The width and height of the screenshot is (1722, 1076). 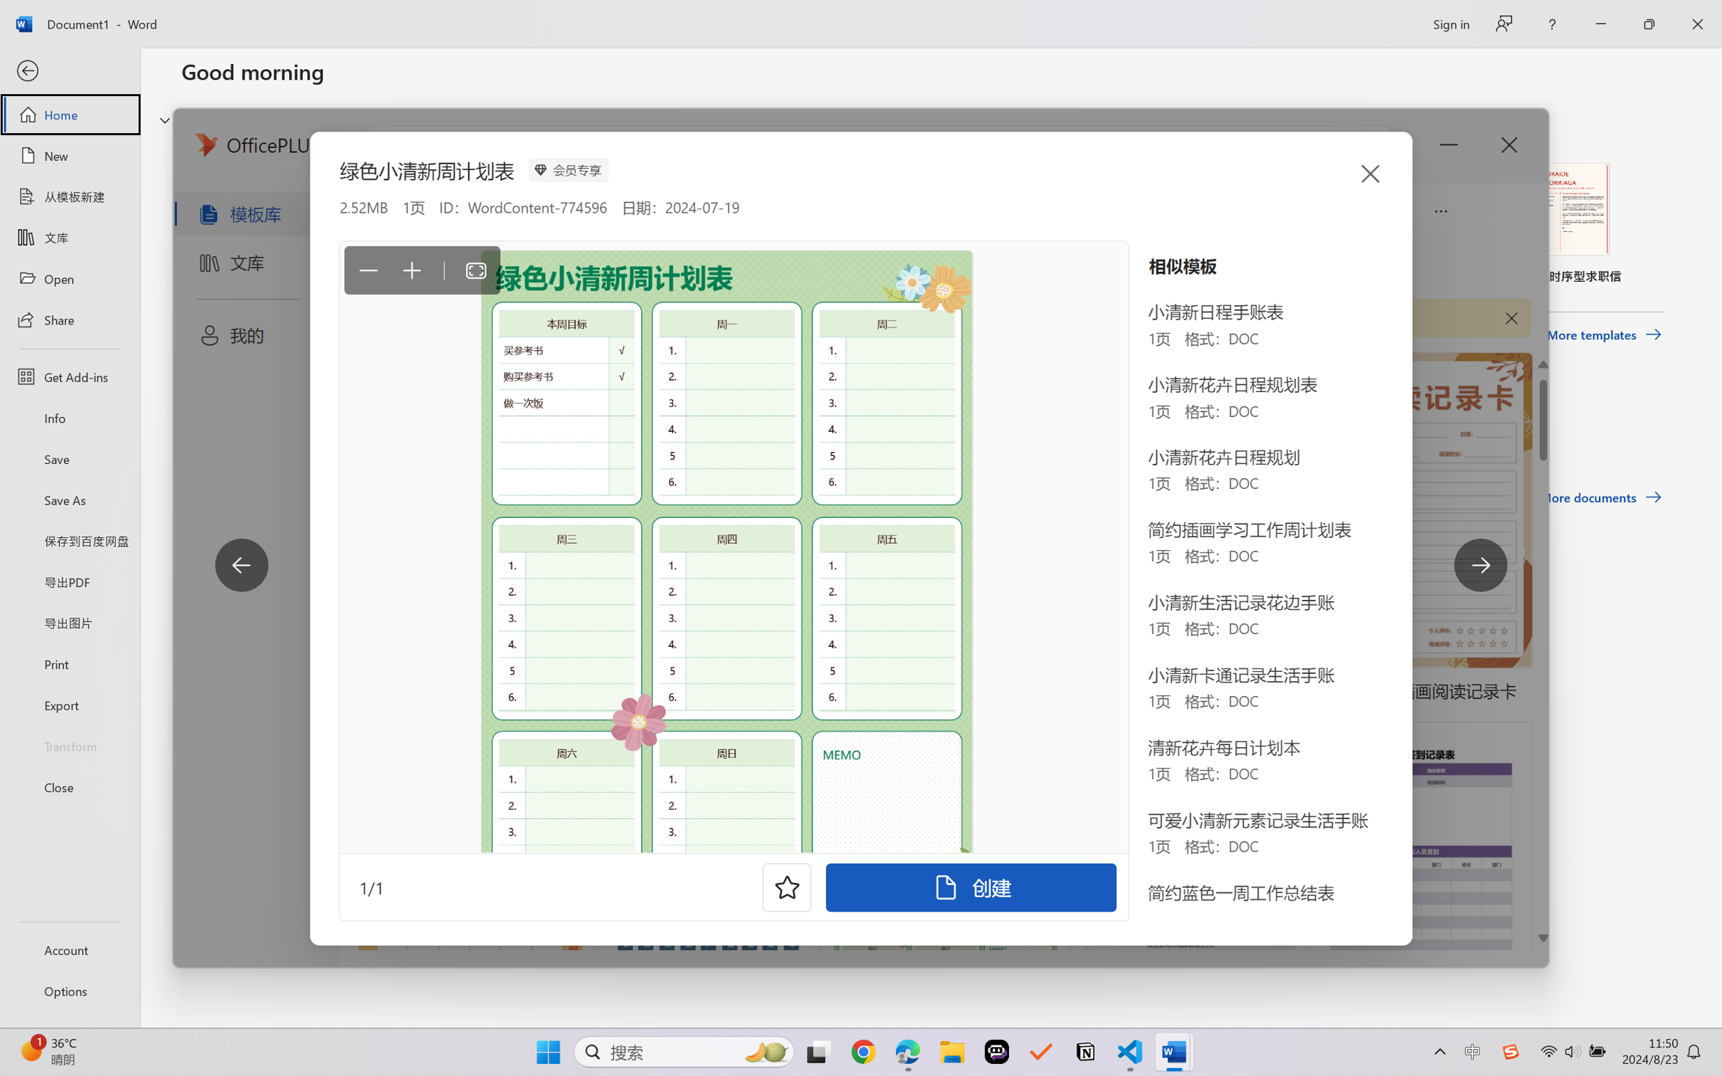 What do you see at coordinates (1603, 335) in the screenshot?
I see `'More templates'` at bounding box center [1603, 335].